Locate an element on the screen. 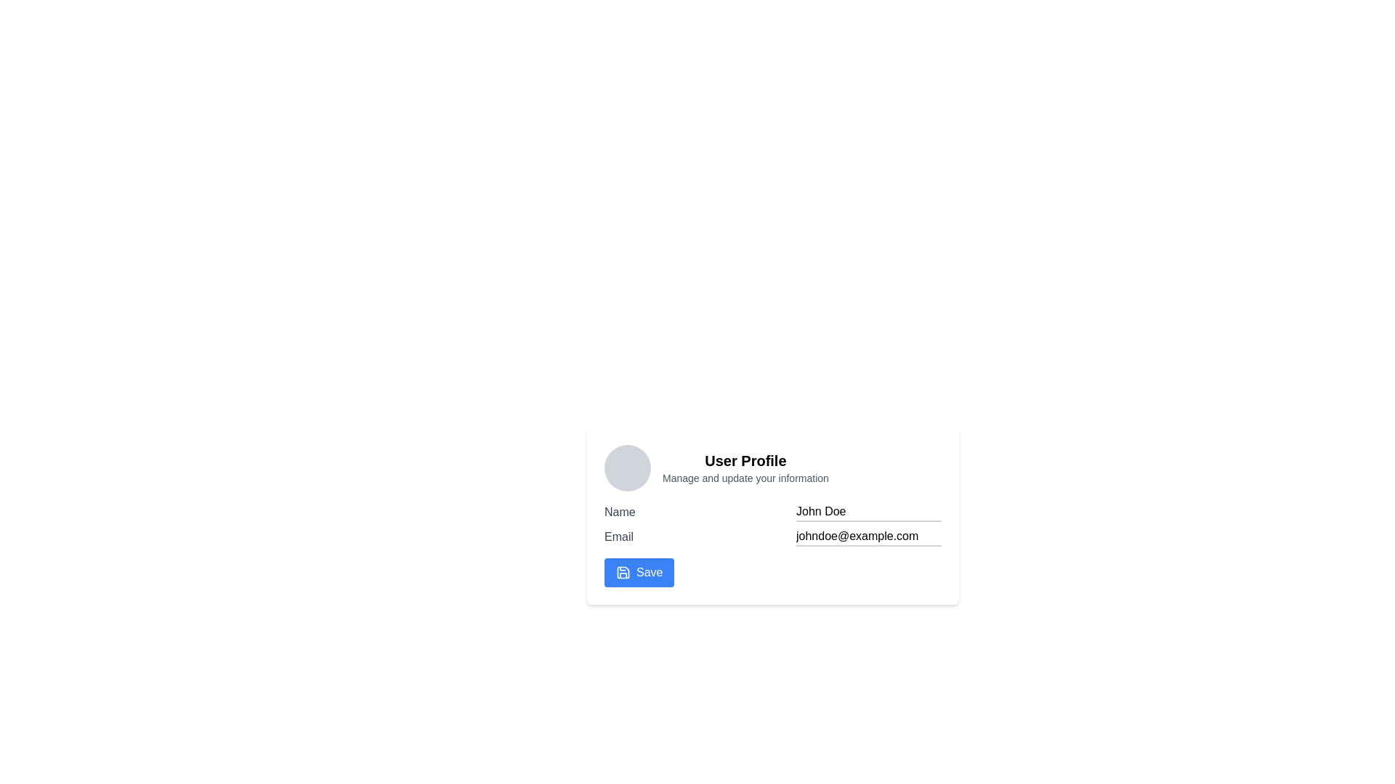  the static label text displaying 'Name' in gray color on the user profile card interface, positioned above the text input field containing 'John Doe' is located at coordinates (620, 511).